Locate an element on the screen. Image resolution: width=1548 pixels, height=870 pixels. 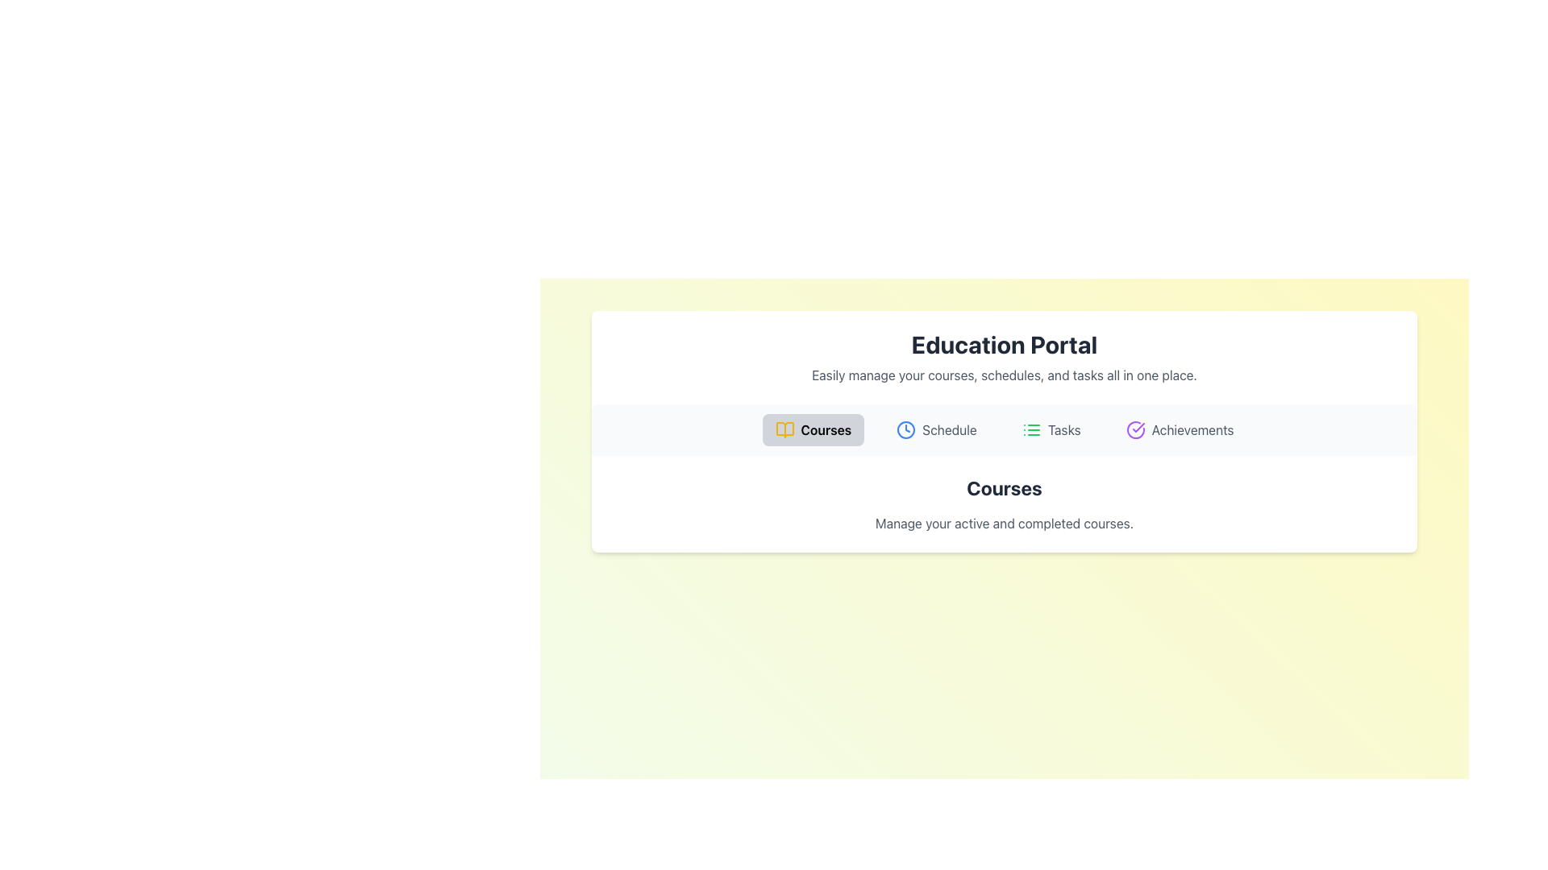
the 'Courses' label navigation tab, which is displayed in bold black font against a gray background is located at coordinates (826, 429).